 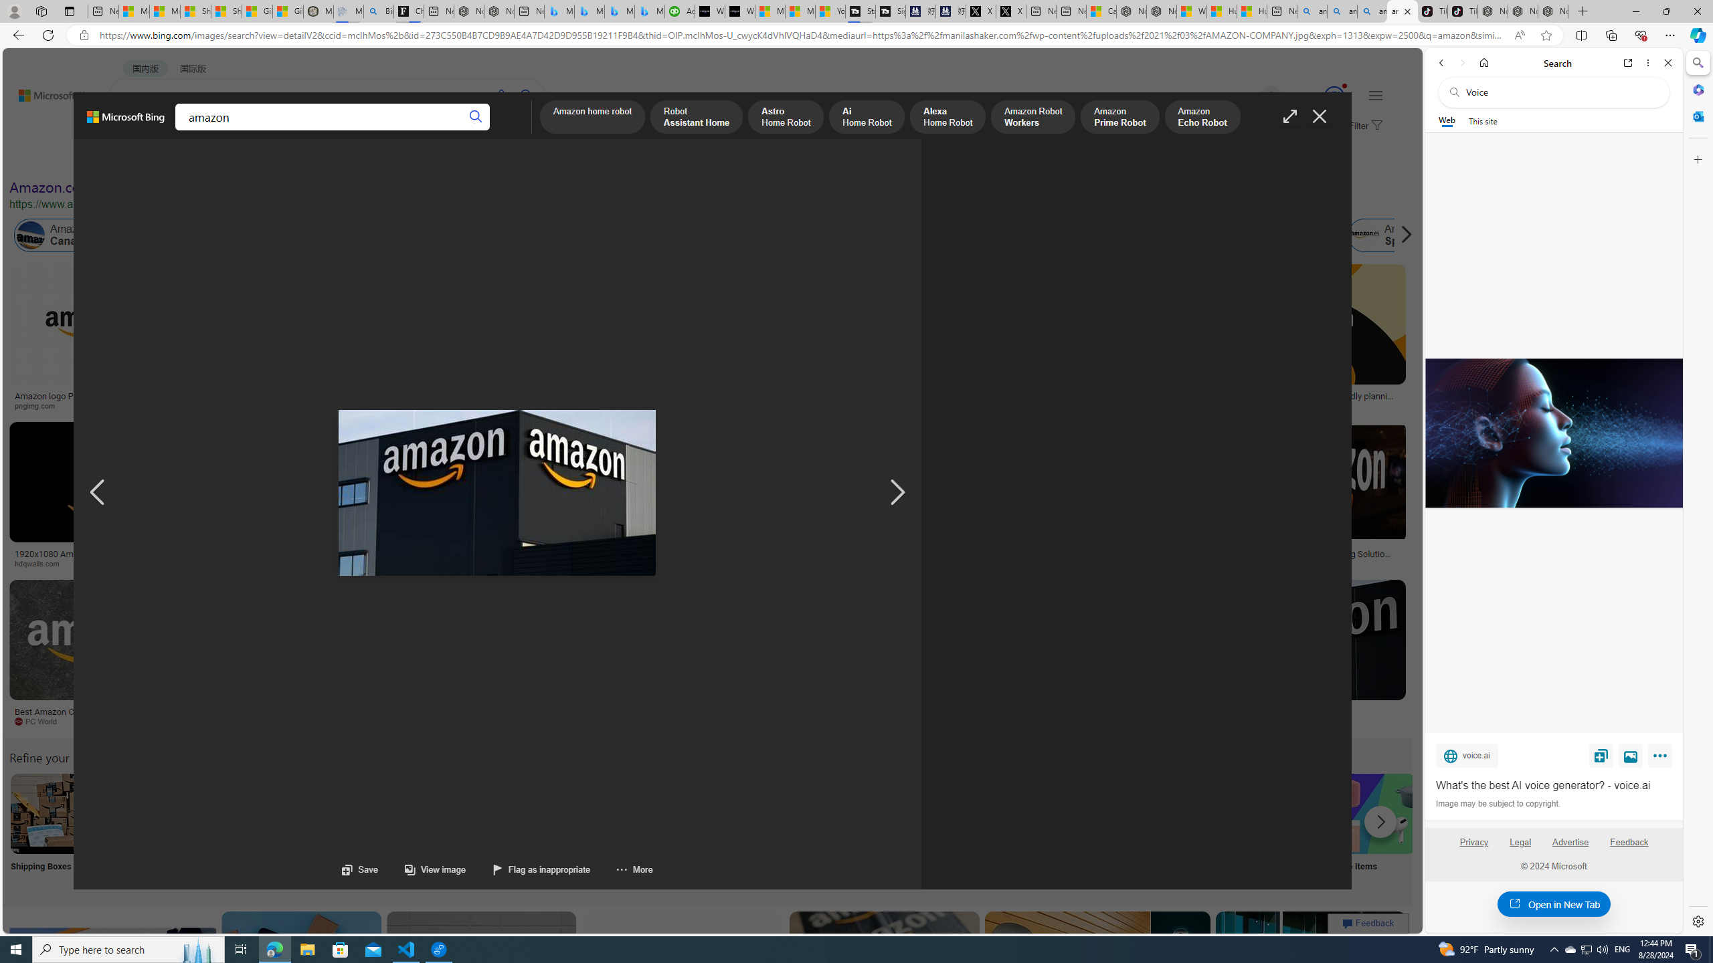 I want to click on 'VIDEOS', so click(x=306, y=130).